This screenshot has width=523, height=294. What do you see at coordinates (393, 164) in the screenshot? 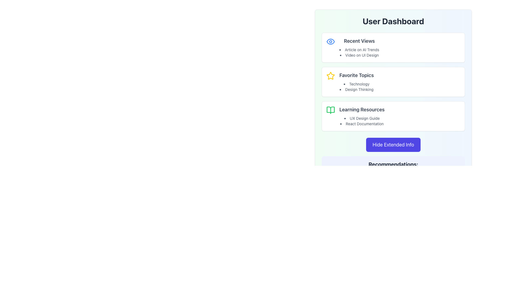
I see `the bold text serving as the title or heading for the recommendation section, which is located within a recommendation card below the 'Hide Extended Info' button` at bounding box center [393, 164].